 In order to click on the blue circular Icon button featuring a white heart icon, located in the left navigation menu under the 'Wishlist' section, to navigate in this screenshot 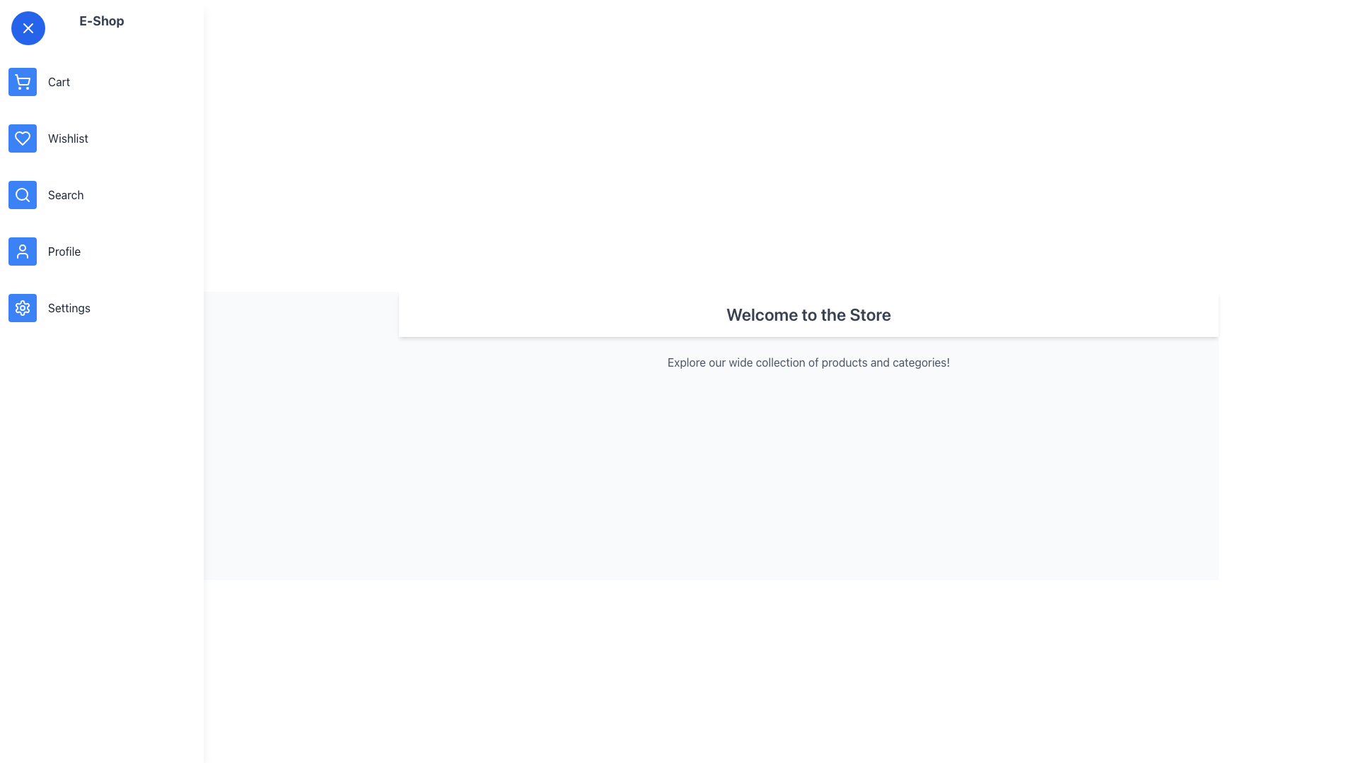, I will do `click(23, 138)`.